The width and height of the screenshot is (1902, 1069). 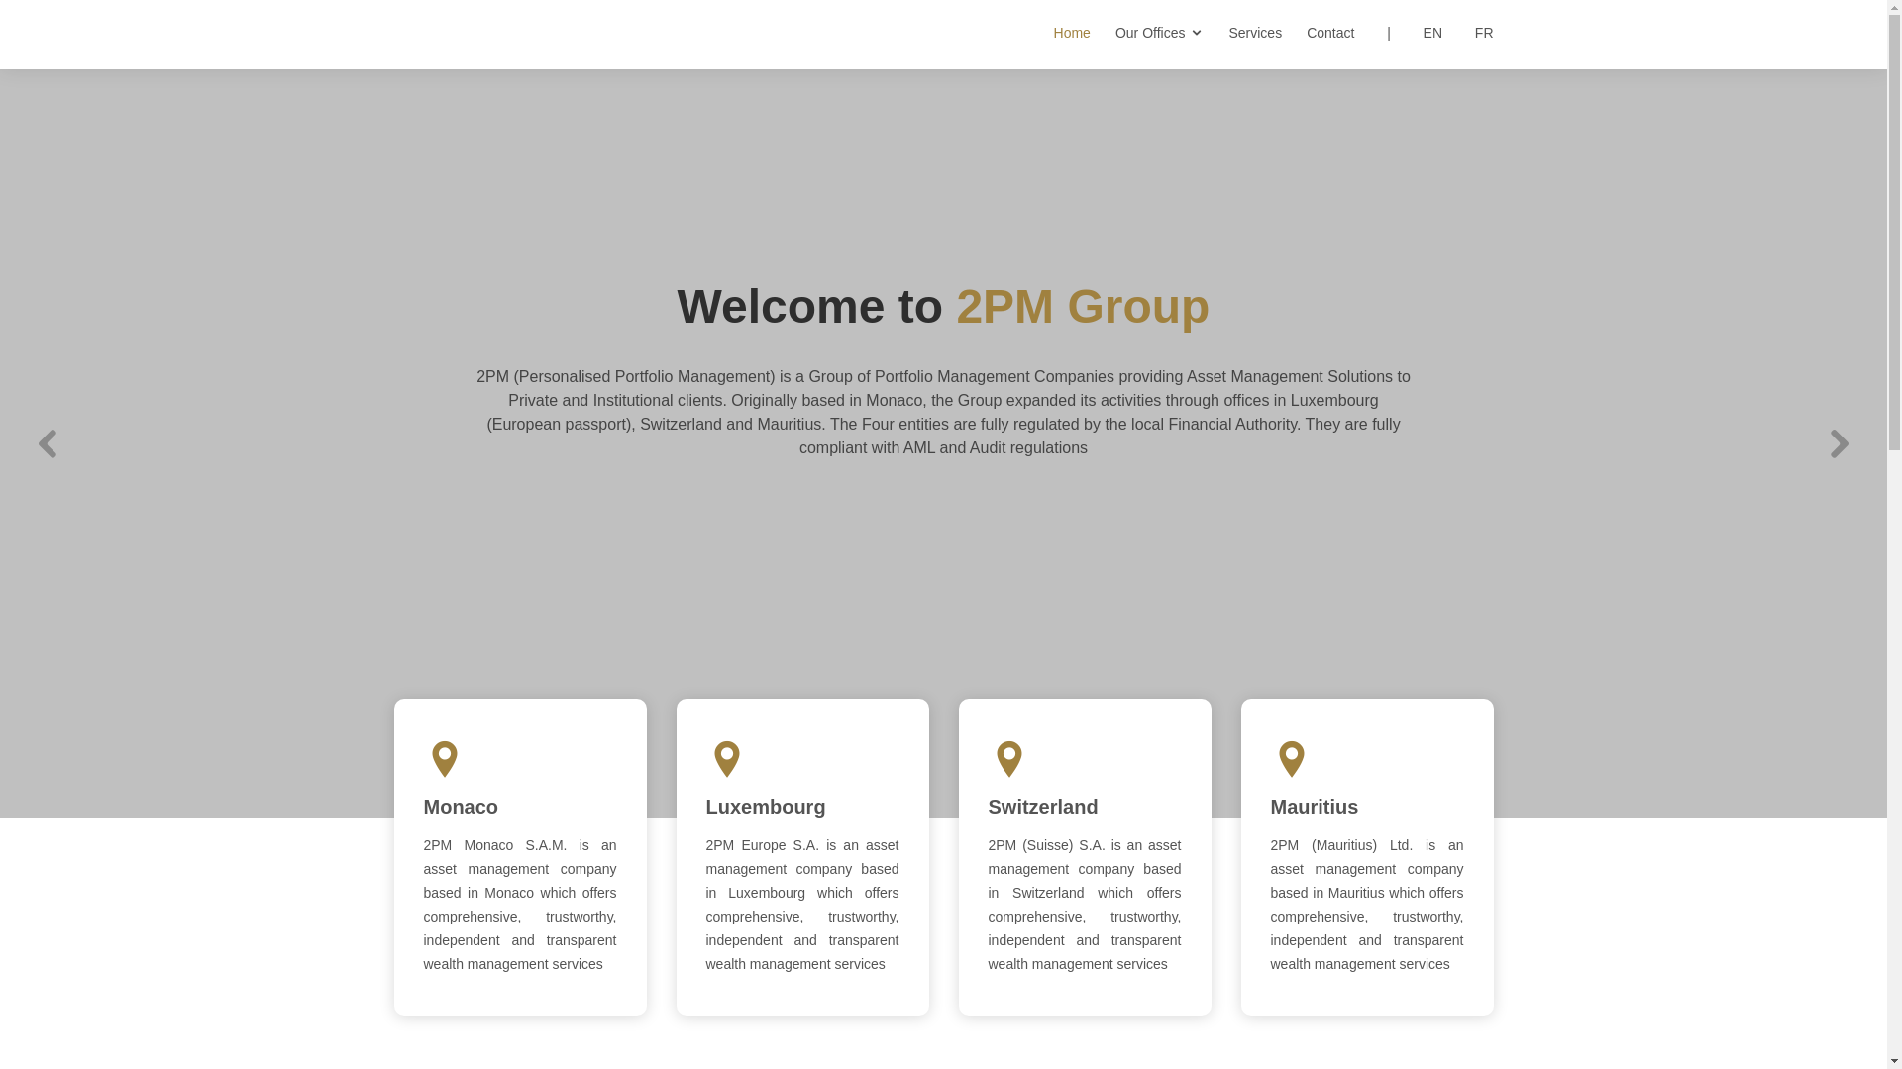 I want to click on 'Services', so click(x=1241, y=34).